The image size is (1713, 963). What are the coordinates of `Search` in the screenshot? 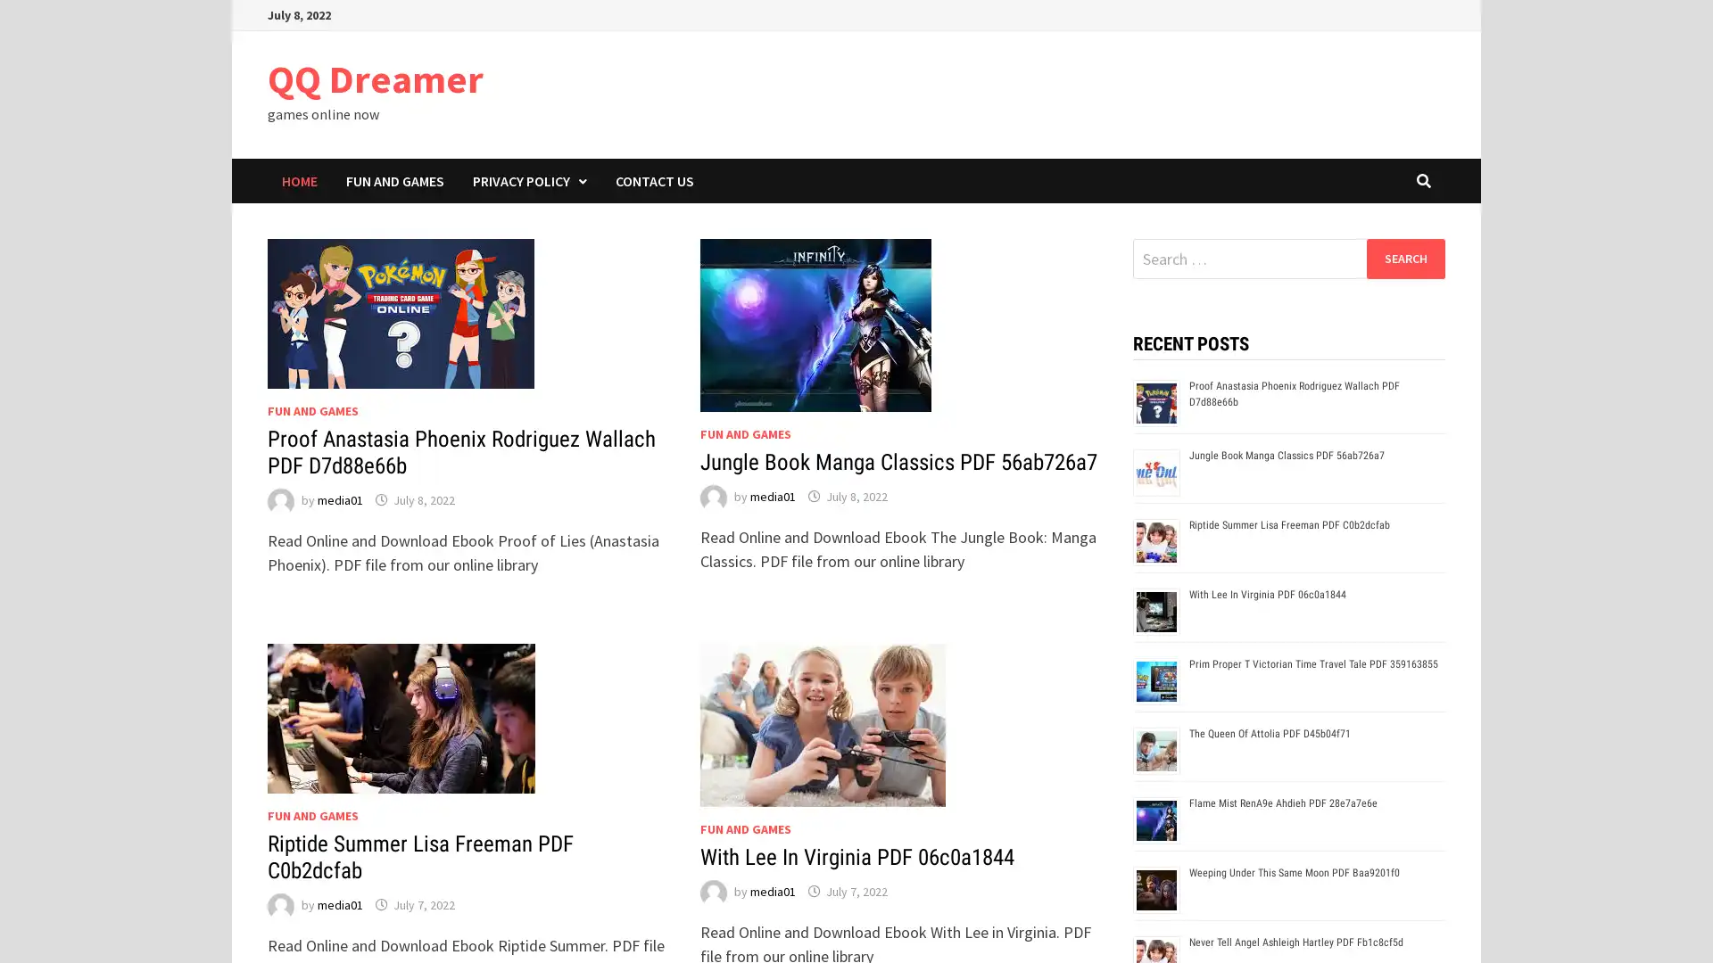 It's located at (1404, 258).